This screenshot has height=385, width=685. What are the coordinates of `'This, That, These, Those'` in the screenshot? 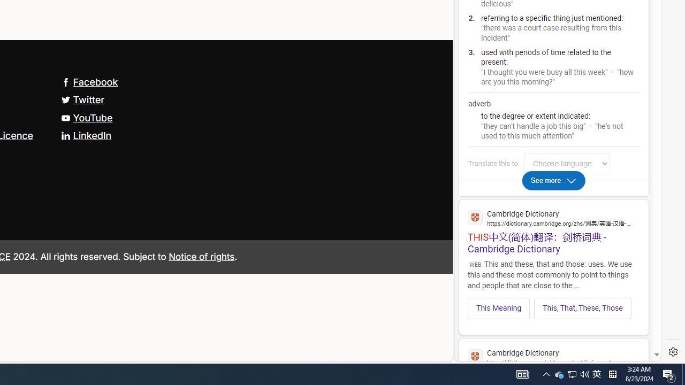 It's located at (582, 308).